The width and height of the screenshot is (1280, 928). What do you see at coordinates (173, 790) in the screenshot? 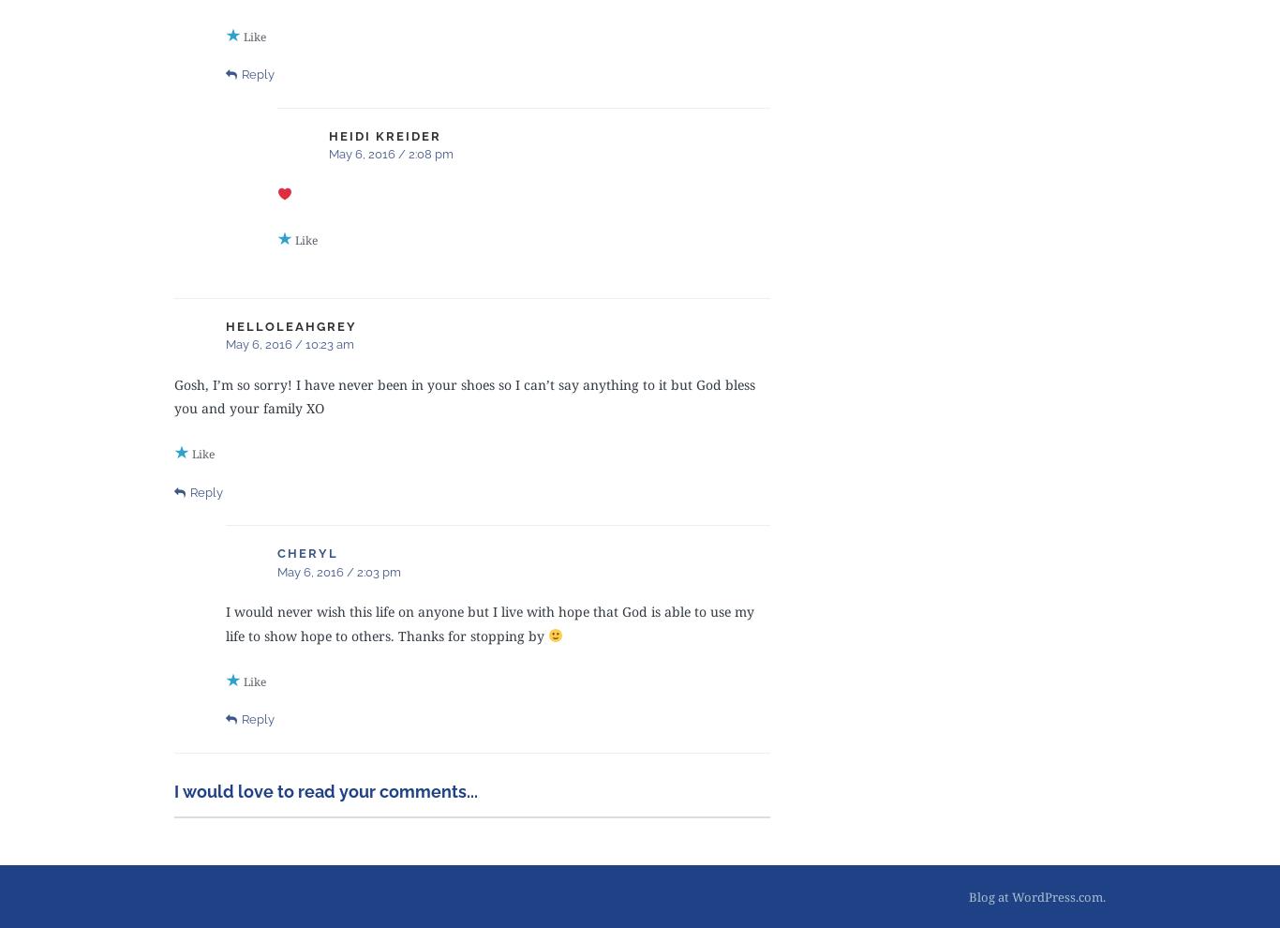
I see `'I would love to read your comments...'` at bounding box center [173, 790].